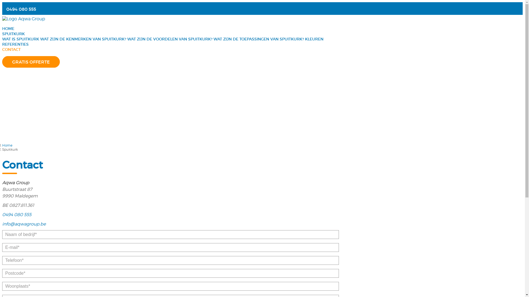  Describe the element at coordinates (11, 50) in the screenshot. I see `'CONTACT'` at that location.